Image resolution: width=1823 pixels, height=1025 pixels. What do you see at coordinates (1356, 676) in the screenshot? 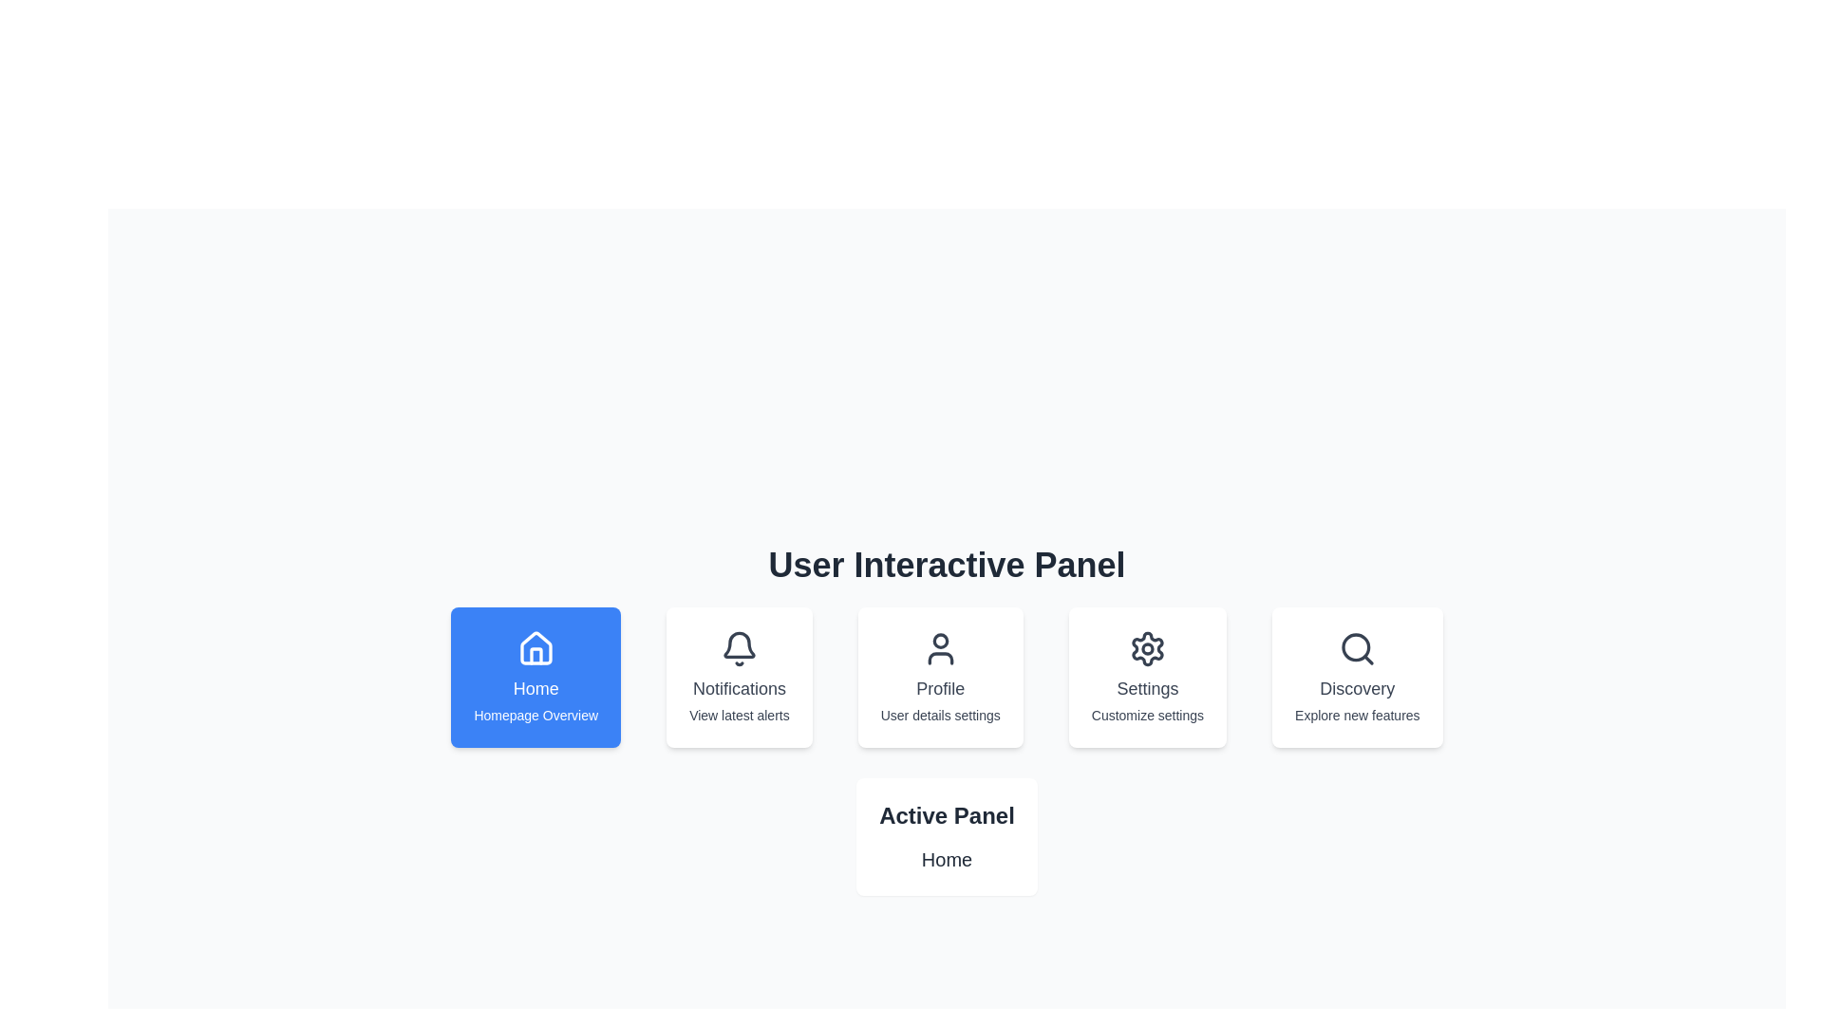
I see `the 'Discovery' card by` at bounding box center [1356, 676].